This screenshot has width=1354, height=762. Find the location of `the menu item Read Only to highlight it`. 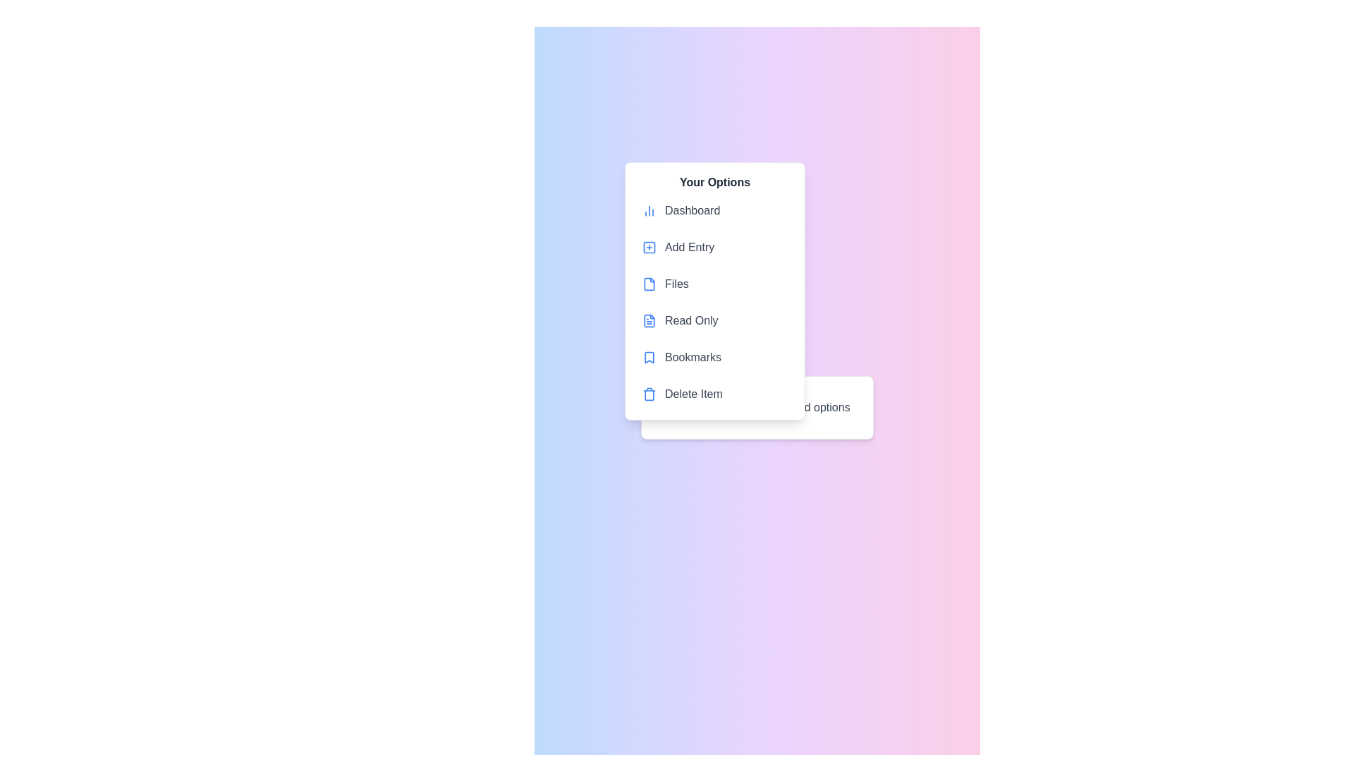

the menu item Read Only to highlight it is located at coordinates (714, 321).